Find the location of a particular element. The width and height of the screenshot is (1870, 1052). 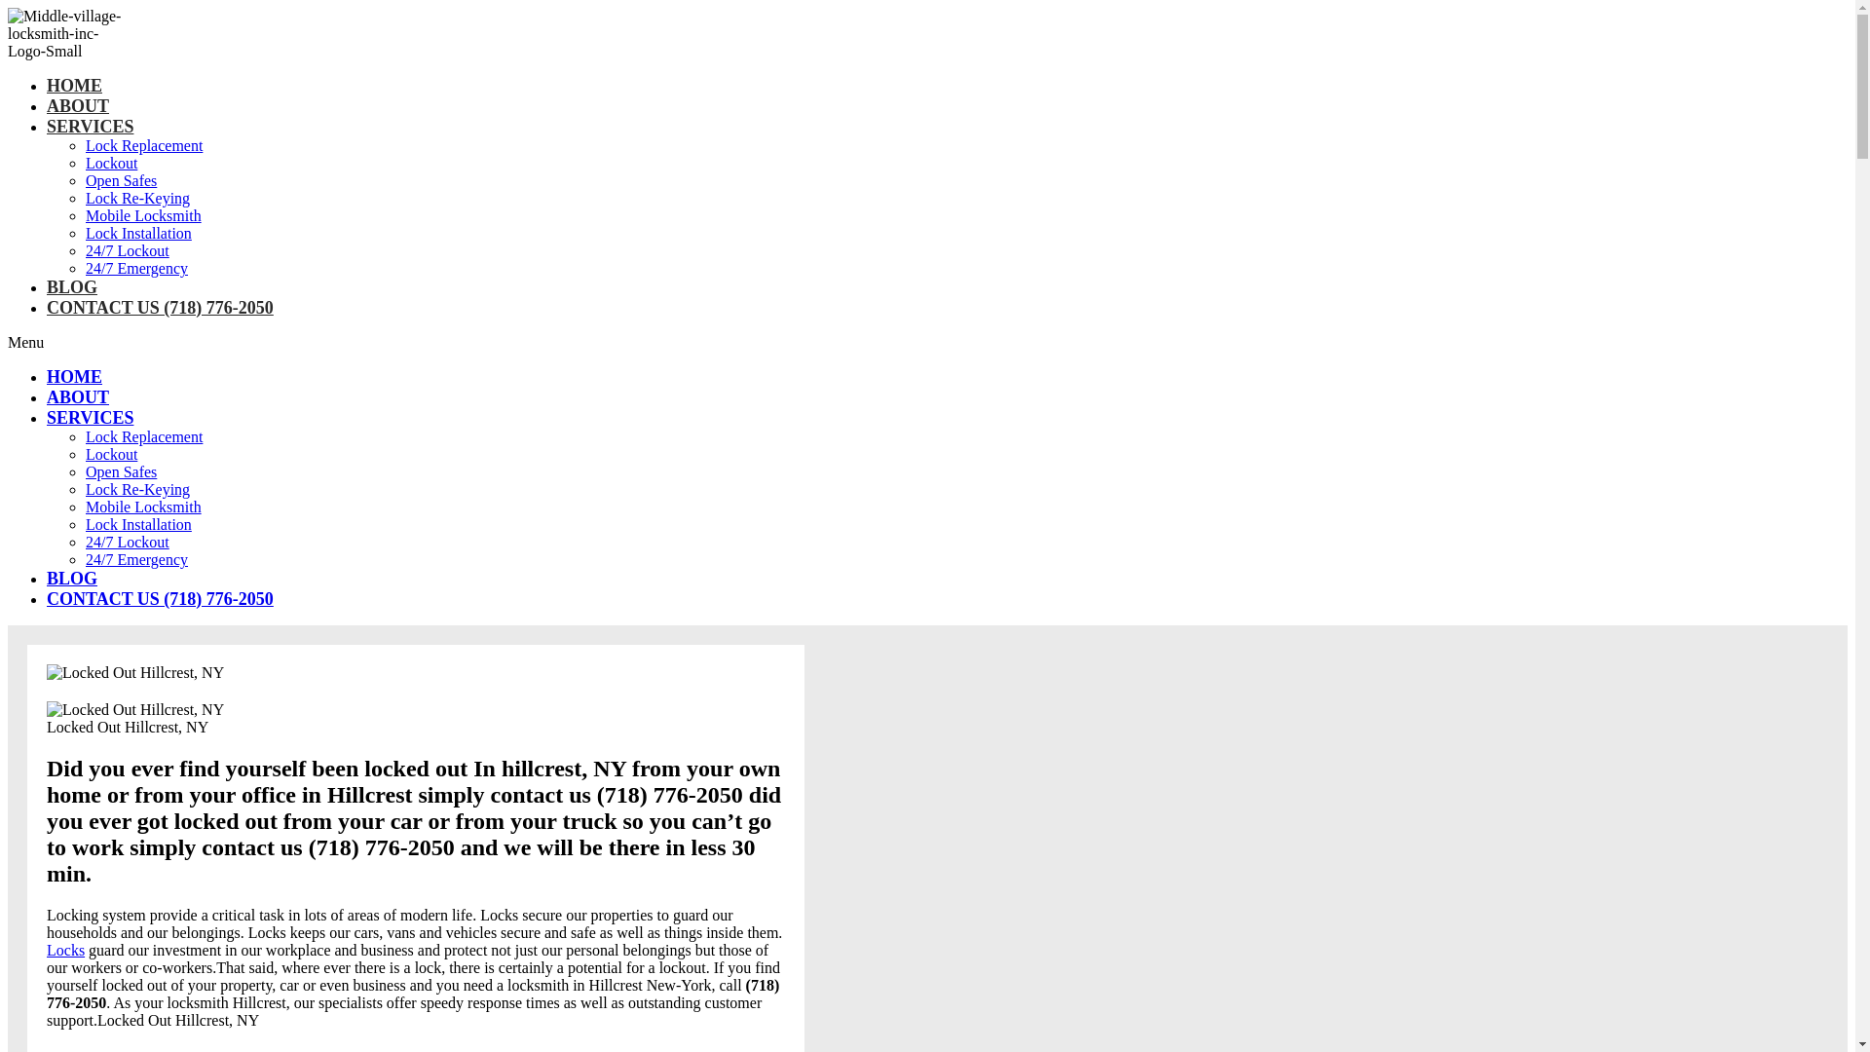

'BLOG' is located at coordinates (71, 578).